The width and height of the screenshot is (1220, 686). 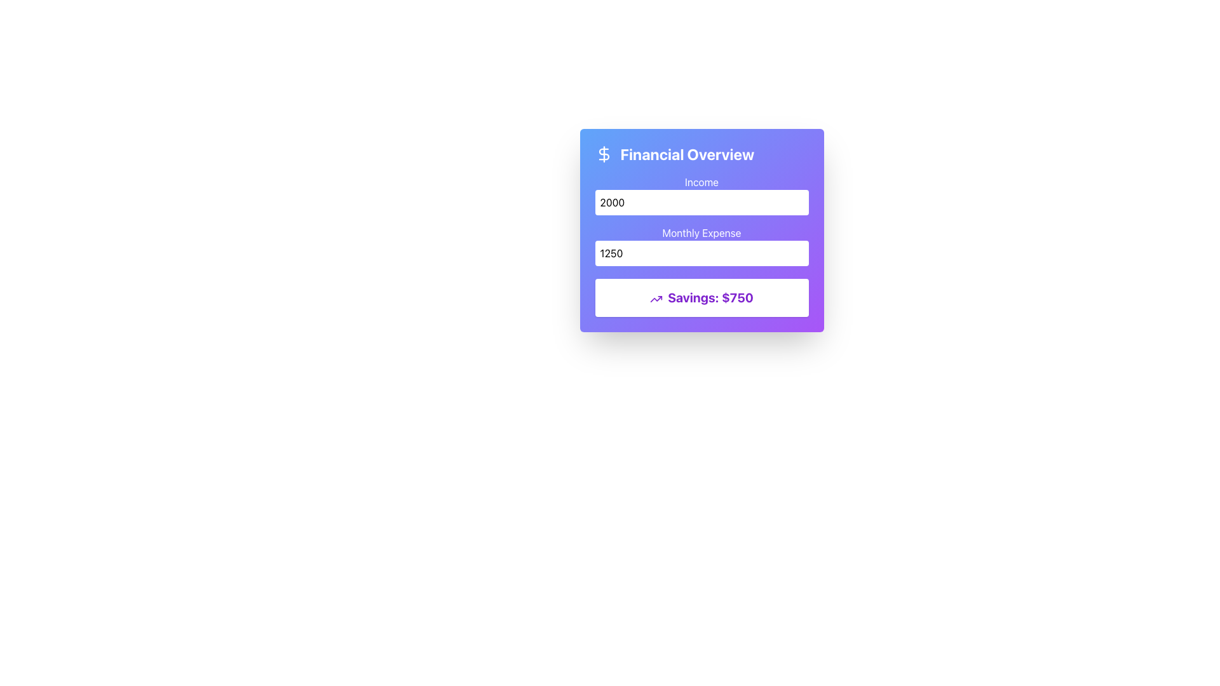 I want to click on the 'Income' text label, which is positioned at the top of a card with a gradient background and aligned above the numerical input field for income, so click(x=701, y=195).